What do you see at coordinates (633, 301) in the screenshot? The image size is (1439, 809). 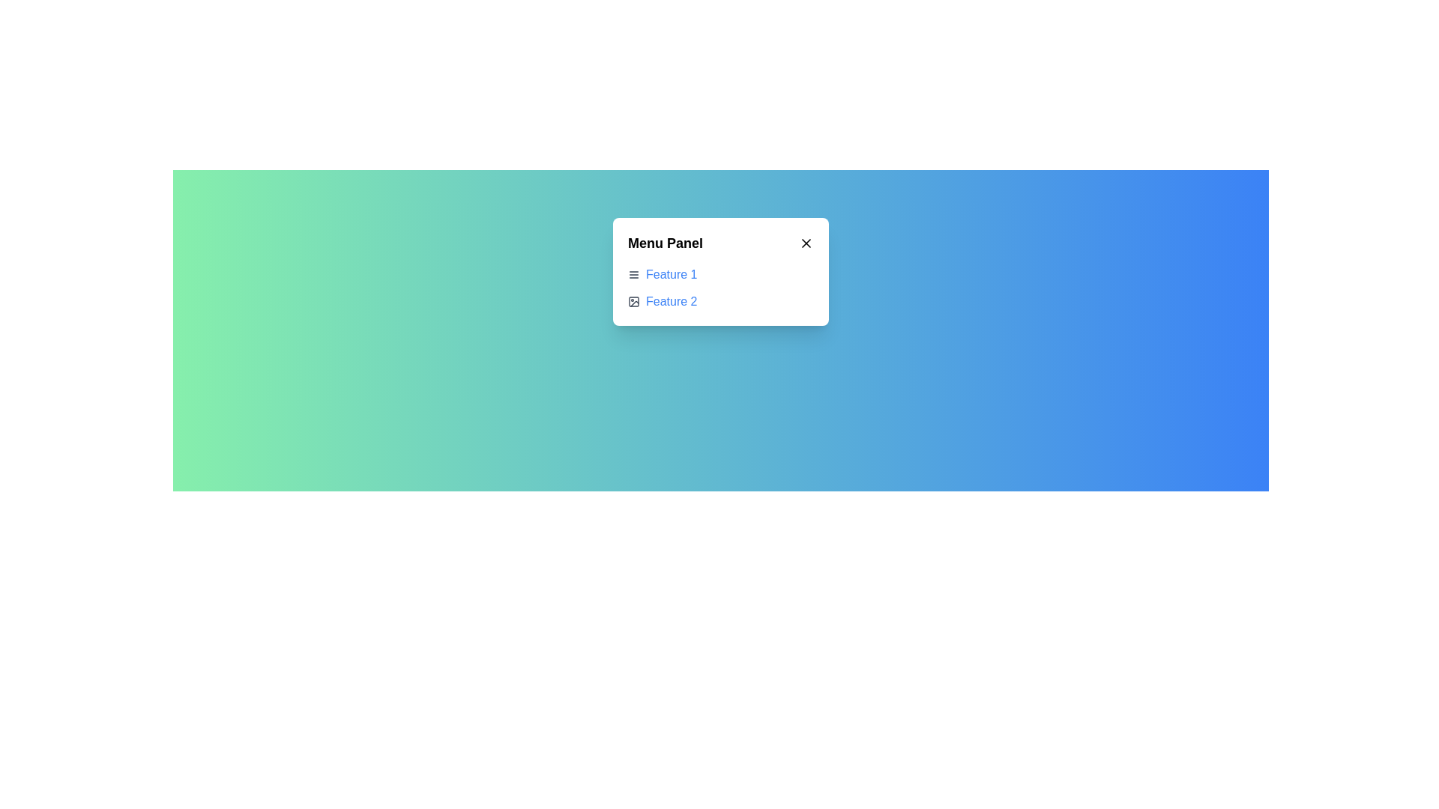 I see `the small dark gray icon resembling a photo placeholder located to the left of the text 'Feature 2' in the menu panel to interact with it` at bounding box center [633, 301].